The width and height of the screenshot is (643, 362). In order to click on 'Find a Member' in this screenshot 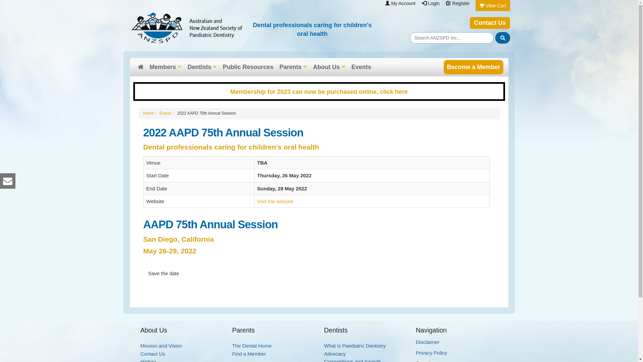, I will do `click(248, 353)`.